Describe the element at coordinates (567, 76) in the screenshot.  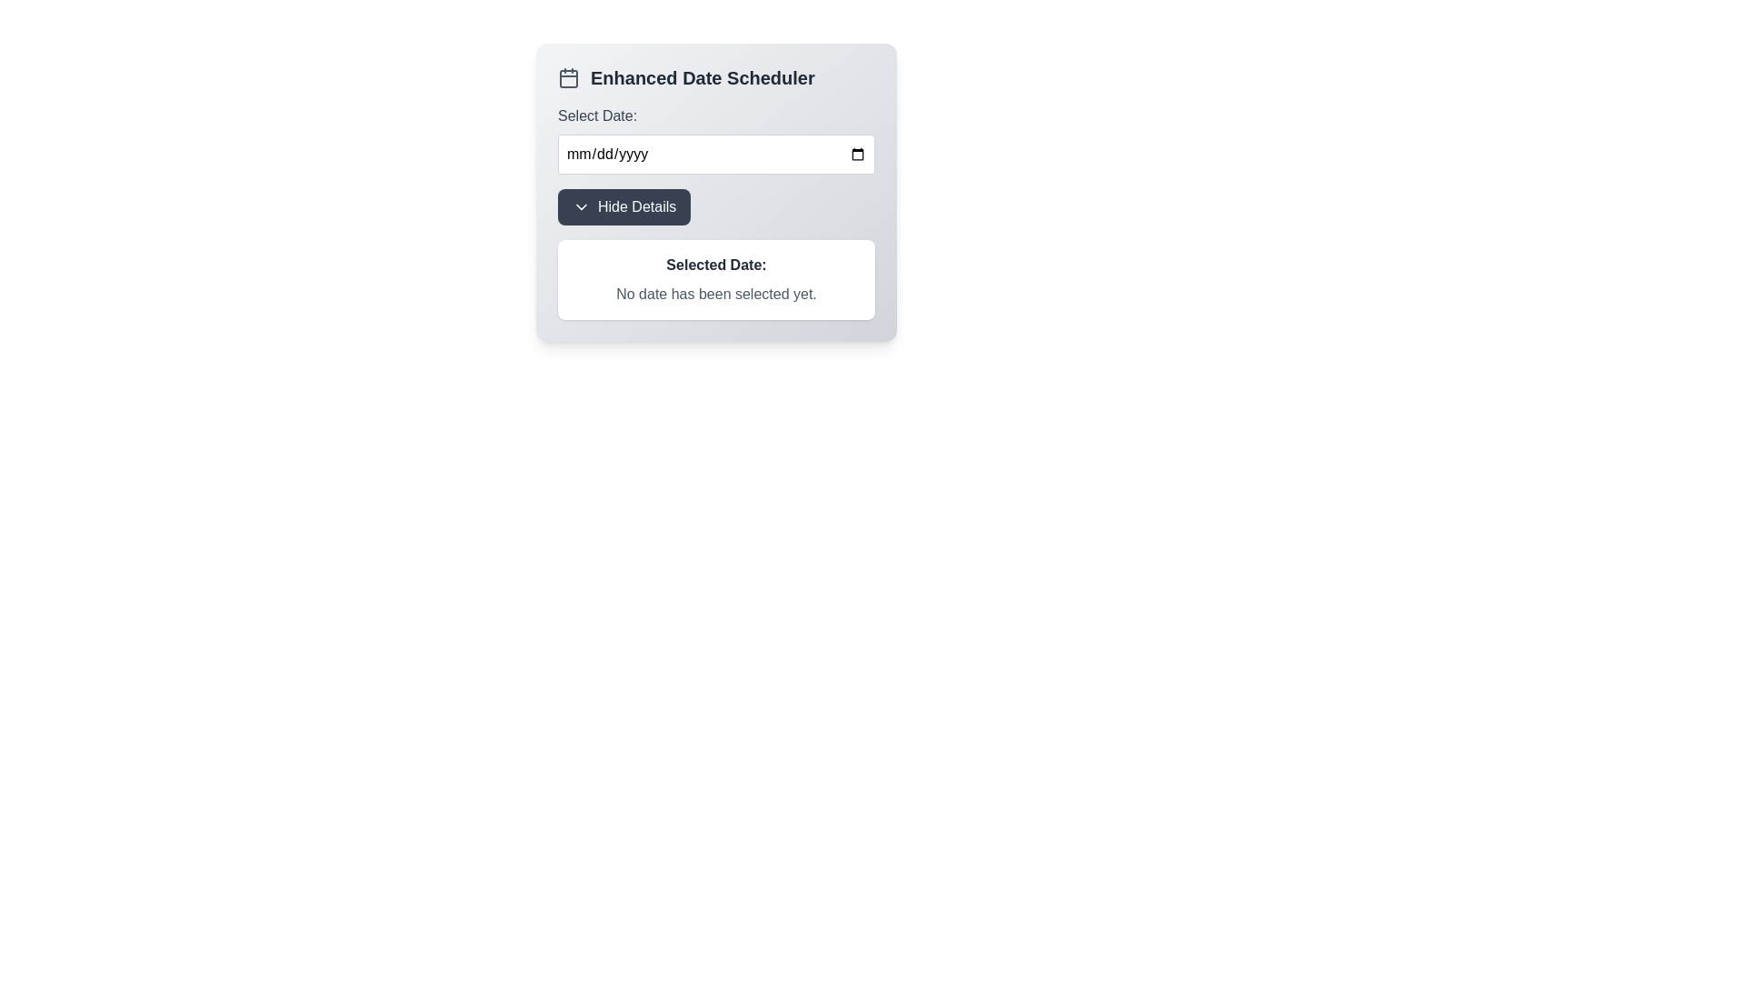
I see `the calendar icon, which is a minimalistic black-and-white design positioned to the left of the 'Enhanced Date Scheduler' label` at that location.